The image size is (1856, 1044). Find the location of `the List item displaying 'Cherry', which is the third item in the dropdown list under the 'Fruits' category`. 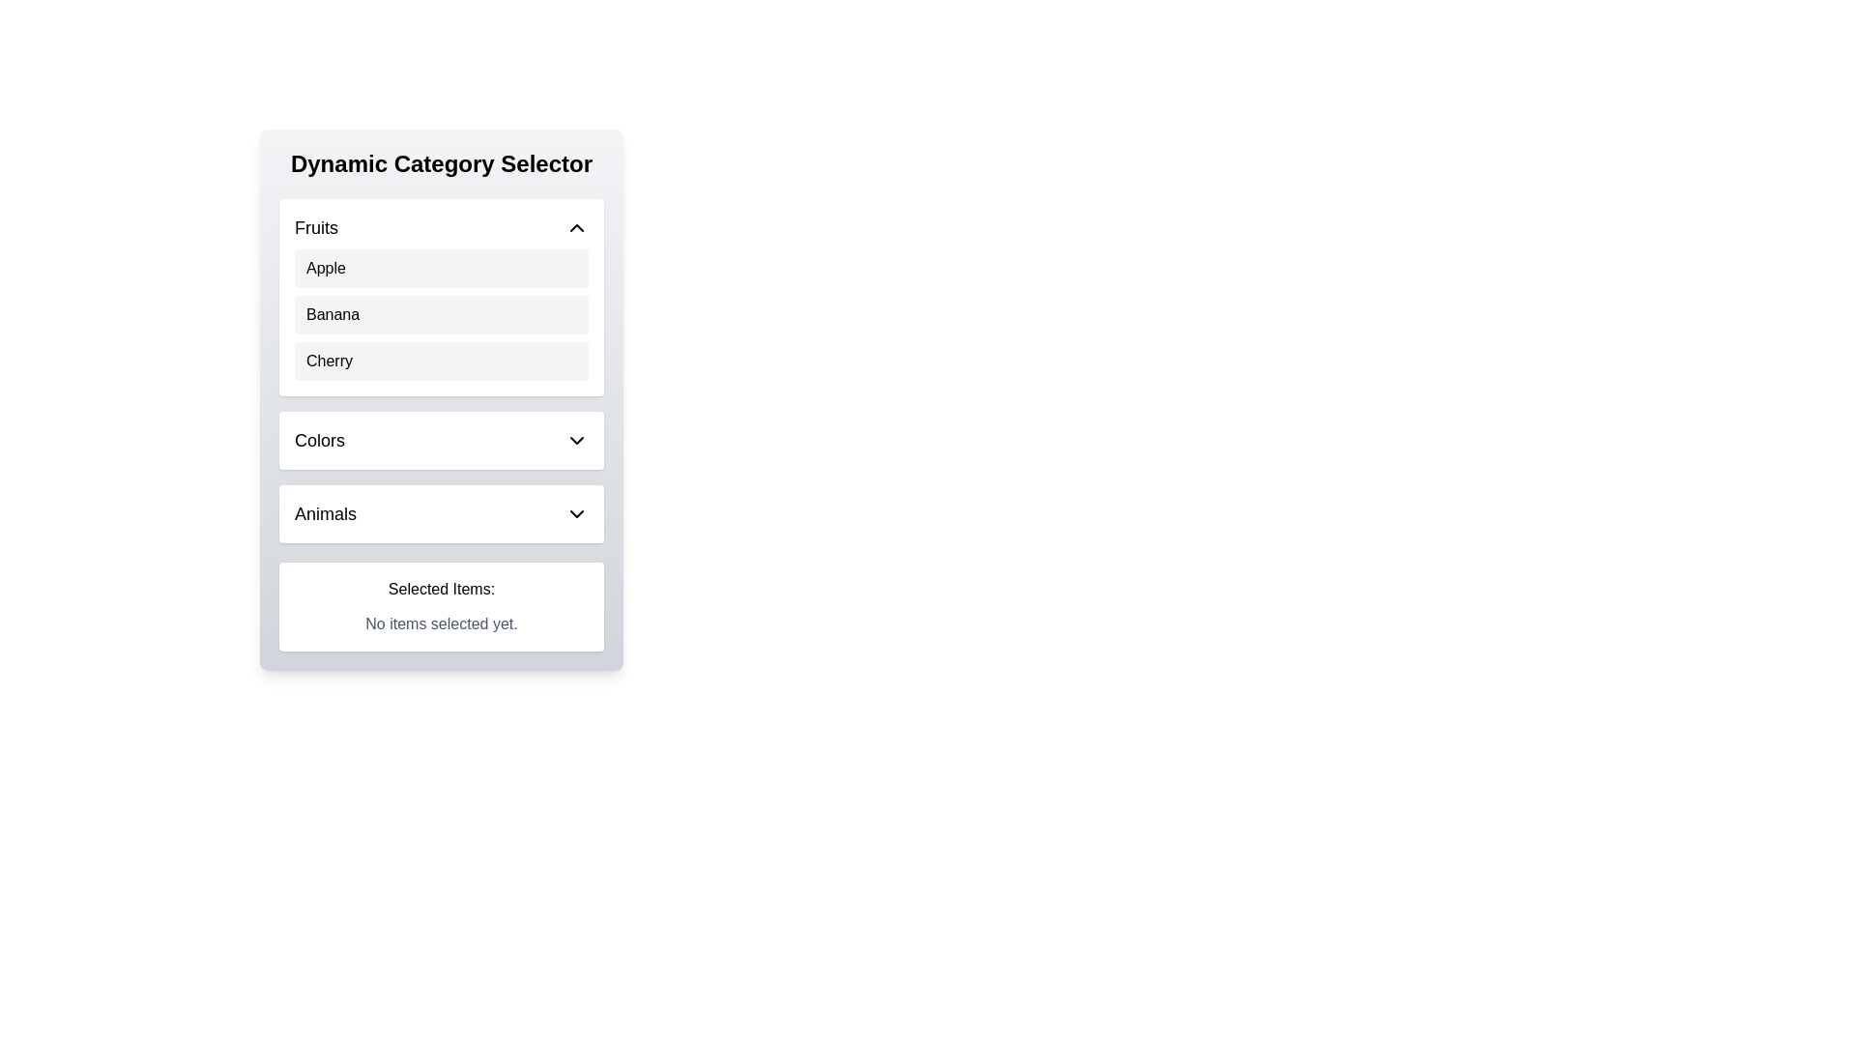

the List item displaying 'Cherry', which is the third item in the dropdown list under the 'Fruits' category is located at coordinates (440, 362).